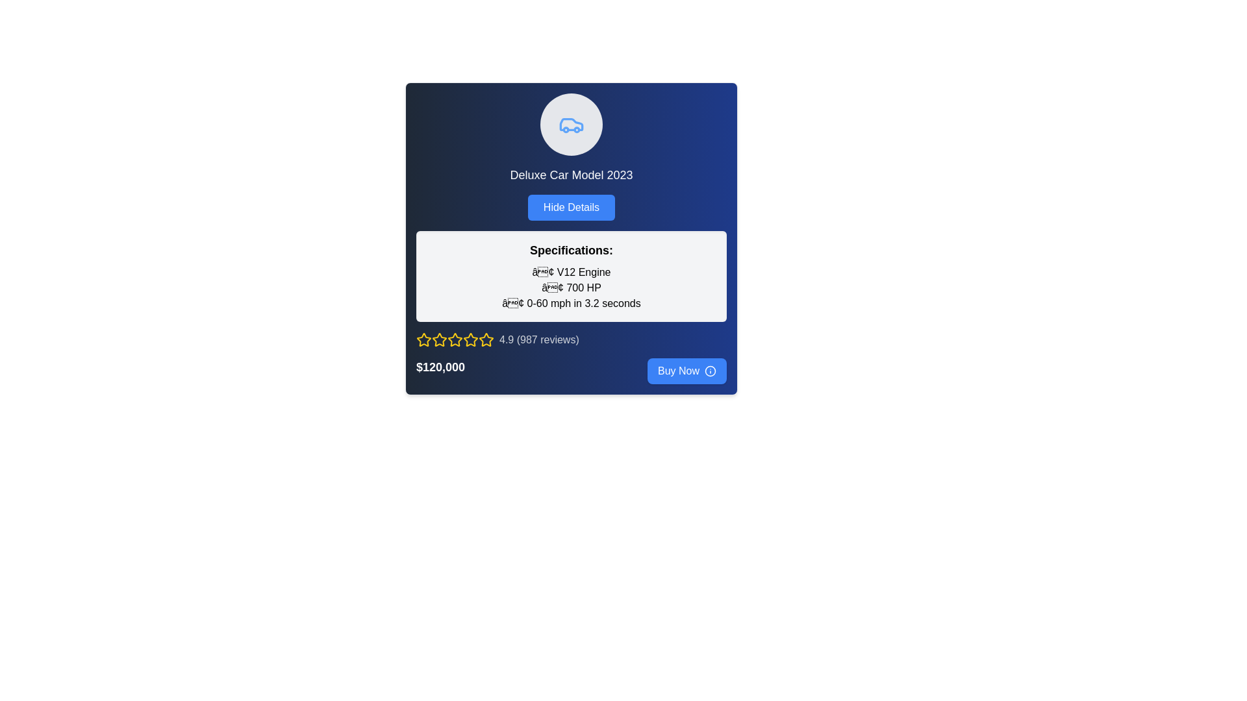 This screenshot has height=701, width=1247. Describe the element at coordinates (571, 275) in the screenshot. I see `the Text Section located centrally below the 'Hide Details' button and above the star rating section, which provides an overview of product attributes` at that location.